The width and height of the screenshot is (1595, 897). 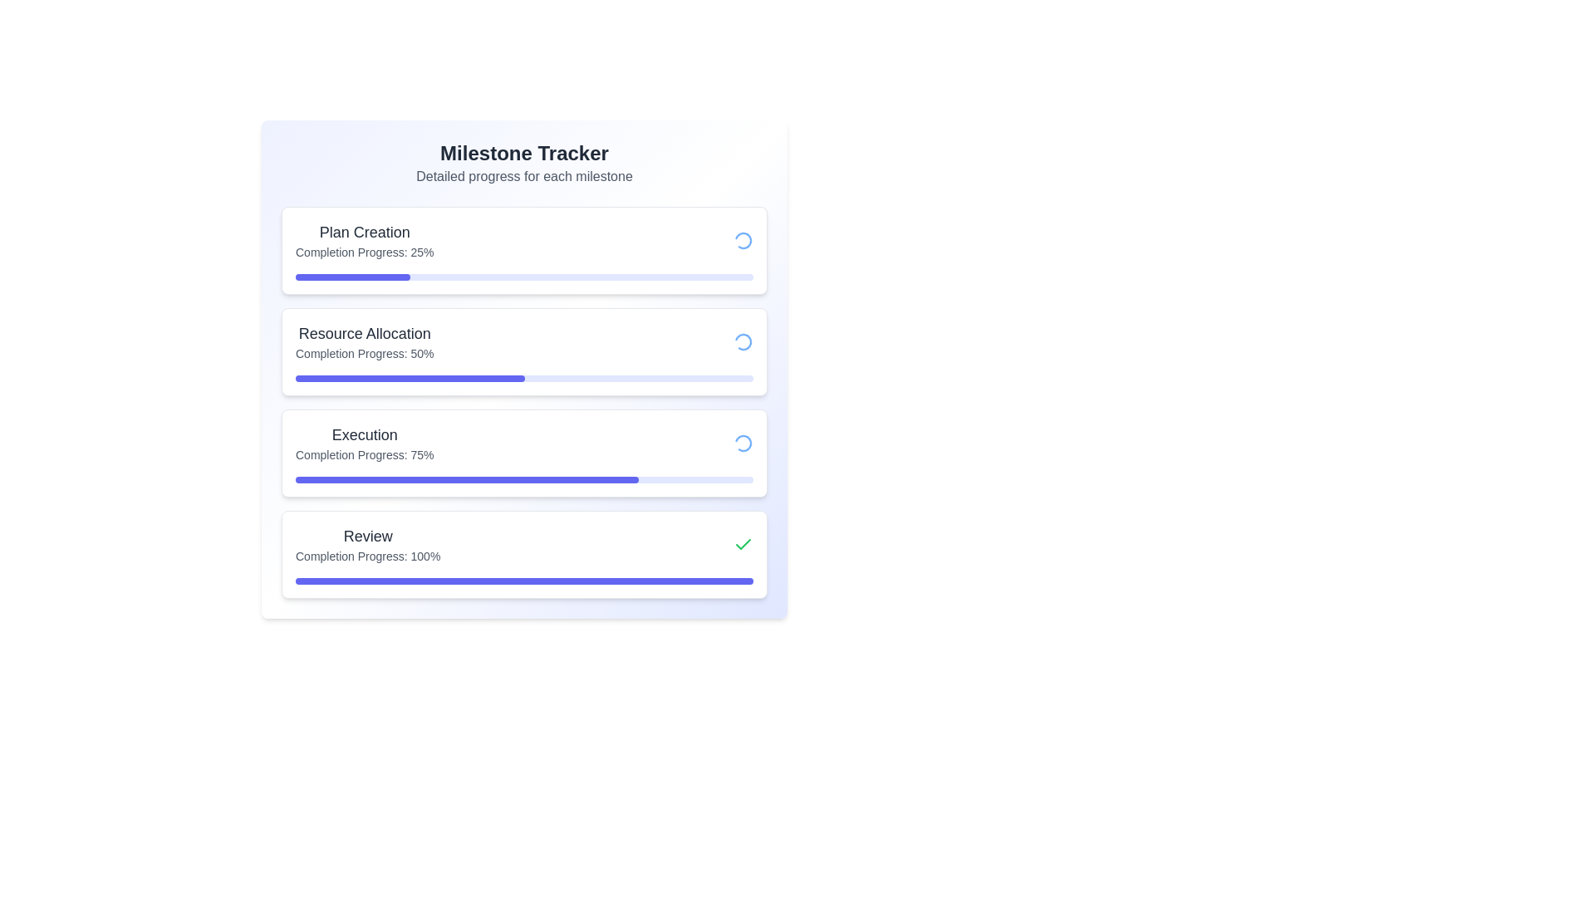 I want to click on the static text element that reads 'Detailed progress for each milestone', which is located under the title 'Milestone Tracker', so click(x=523, y=176).